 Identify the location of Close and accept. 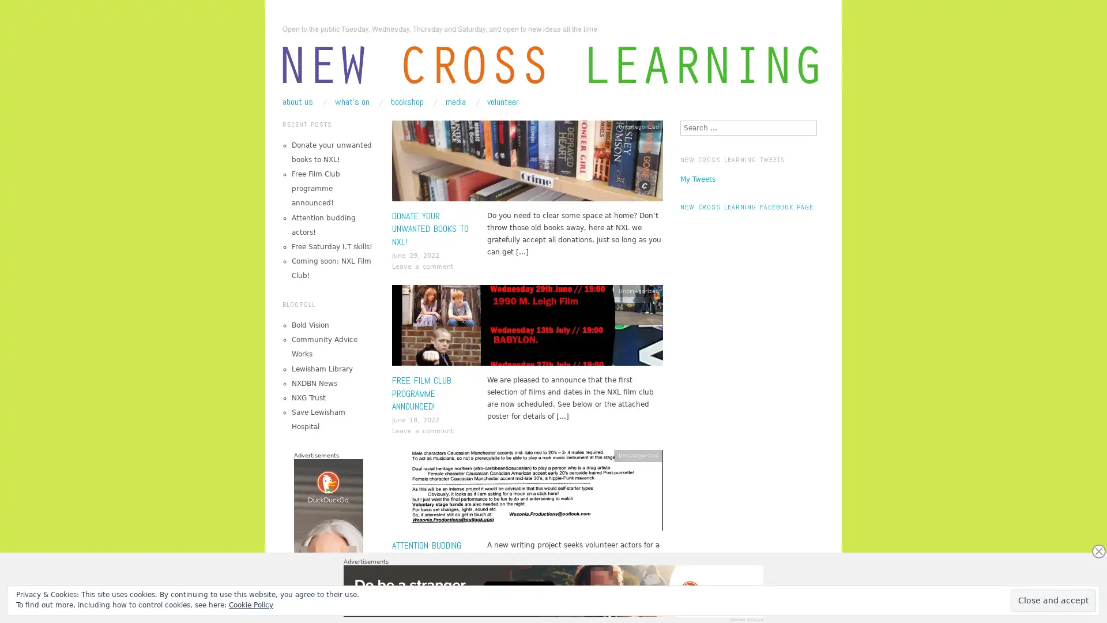
(1053, 600).